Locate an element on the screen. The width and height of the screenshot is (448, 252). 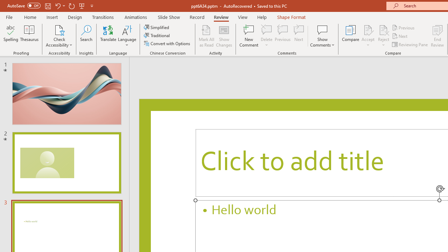
'Accept Change' is located at coordinates (367, 29).